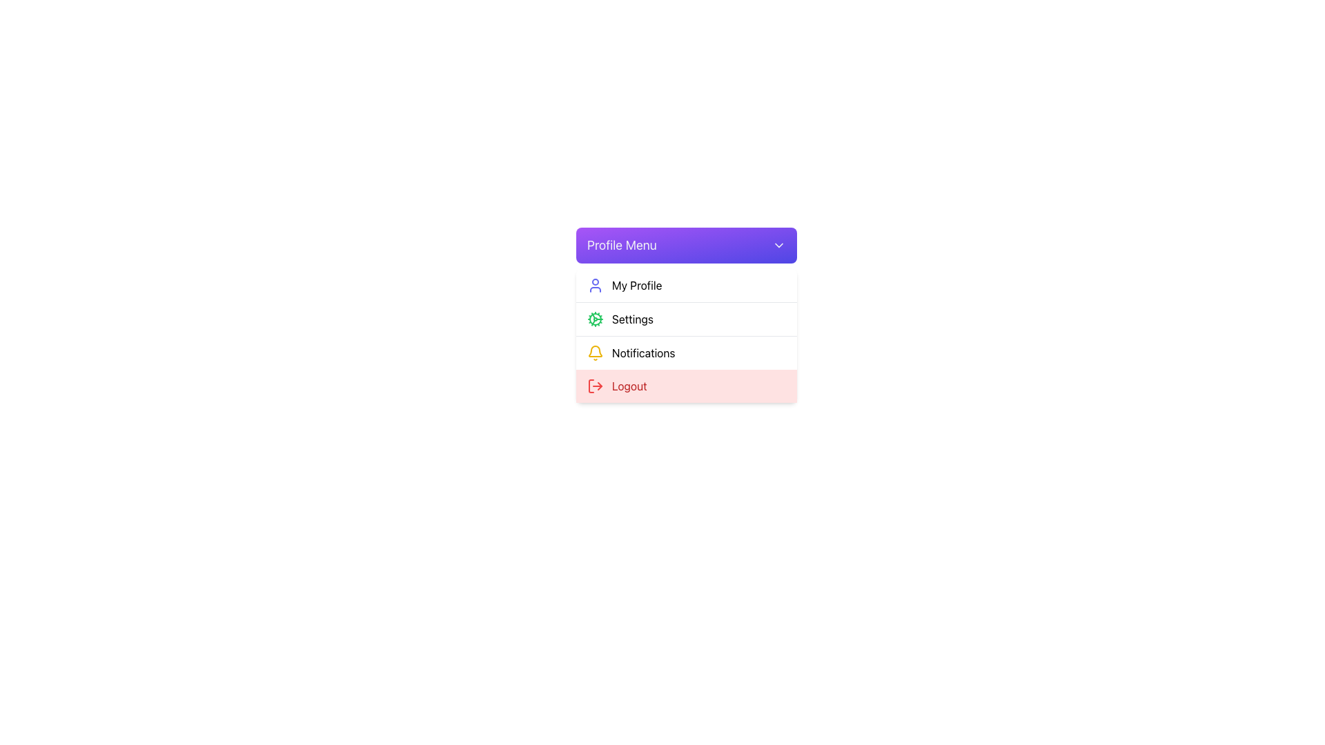 This screenshot has width=1325, height=745. Describe the element at coordinates (631, 319) in the screenshot. I see `text label 'Settings' located within the dropdown menu, styled with black text against a white background, positioned below 'My Profile' and above 'Notifications'` at that location.